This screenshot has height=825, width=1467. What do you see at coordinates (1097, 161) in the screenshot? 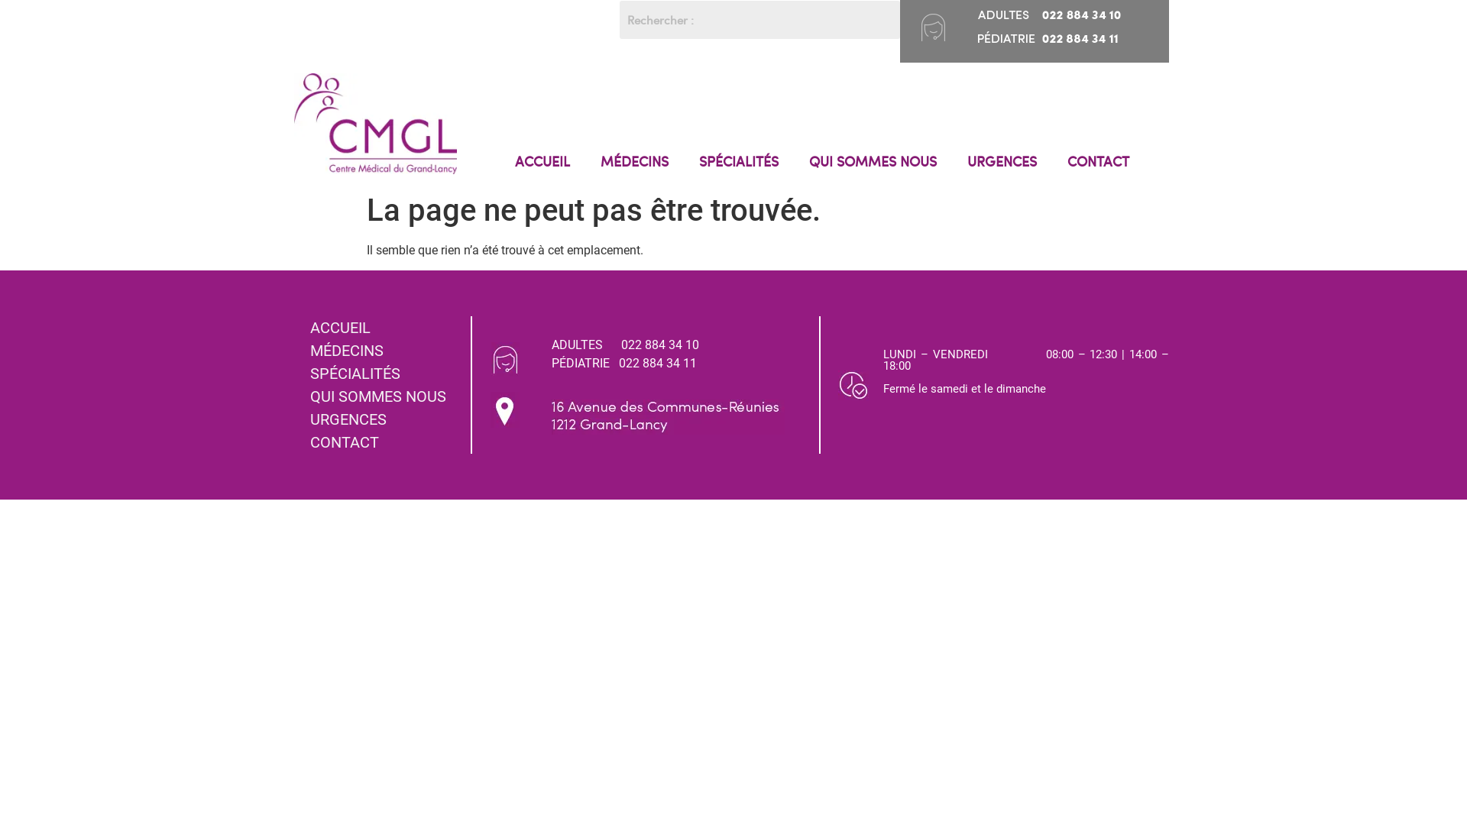
I see `'CONTACT'` at bounding box center [1097, 161].